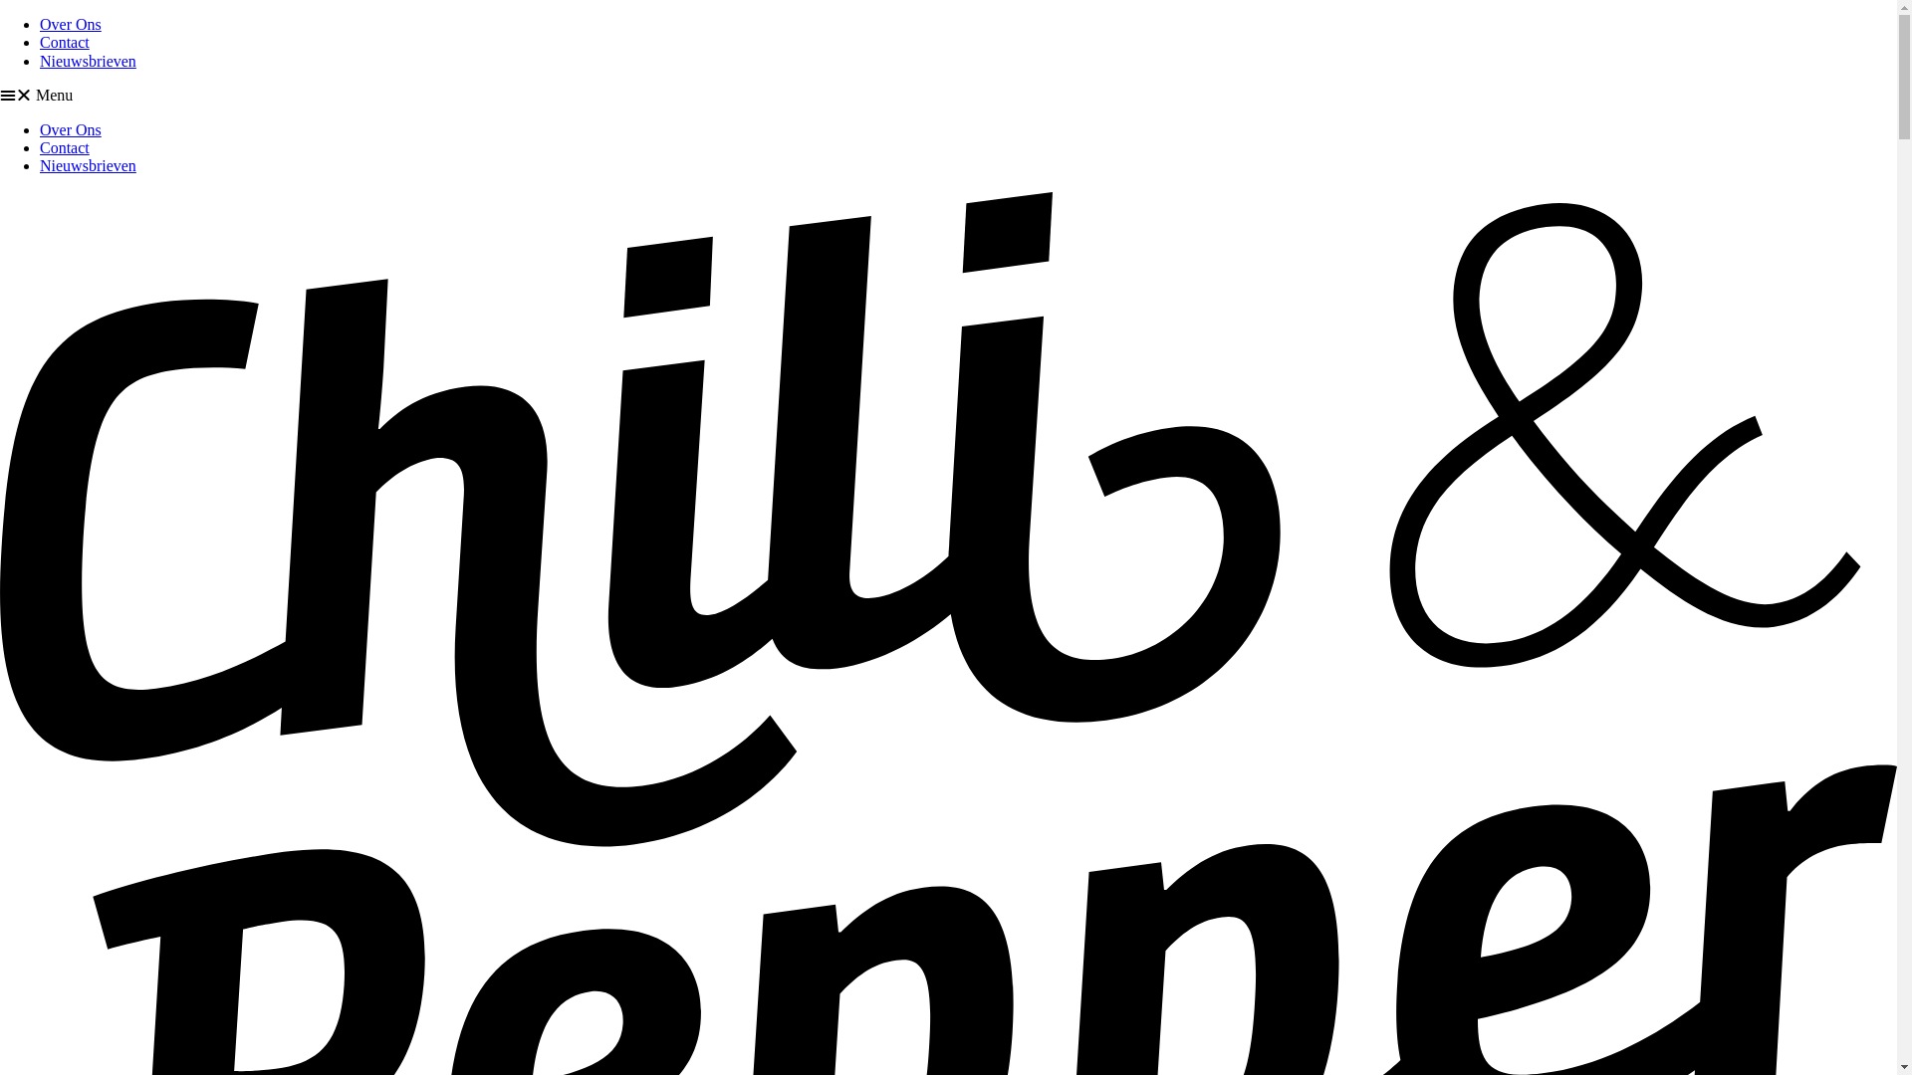 The width and height of the screenshot is (1912, 1075). I want to click on 'Over Ons', so click(71, 129).